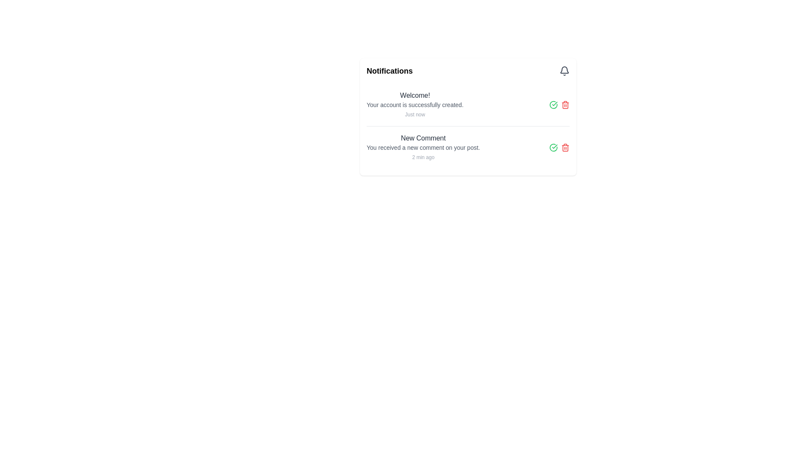  I want to click on the timestamp text label located in the bottom-right corner of the 'New Comment' notification block, so click(423, 157).